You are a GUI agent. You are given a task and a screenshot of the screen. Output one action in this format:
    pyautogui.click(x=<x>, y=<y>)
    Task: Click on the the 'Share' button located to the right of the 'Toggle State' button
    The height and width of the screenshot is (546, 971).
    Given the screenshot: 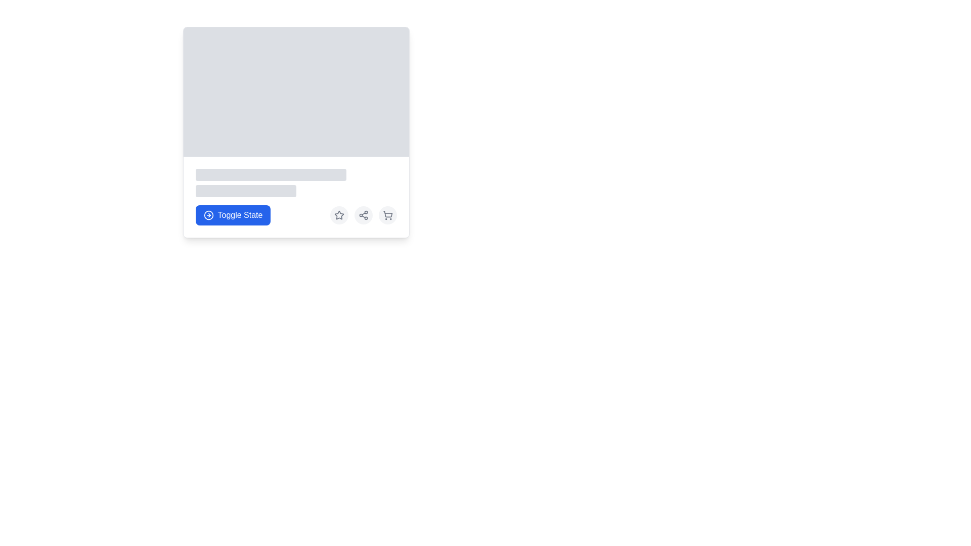 What is the action you would take?
    pyautogui.click(x=363, y=214)
    